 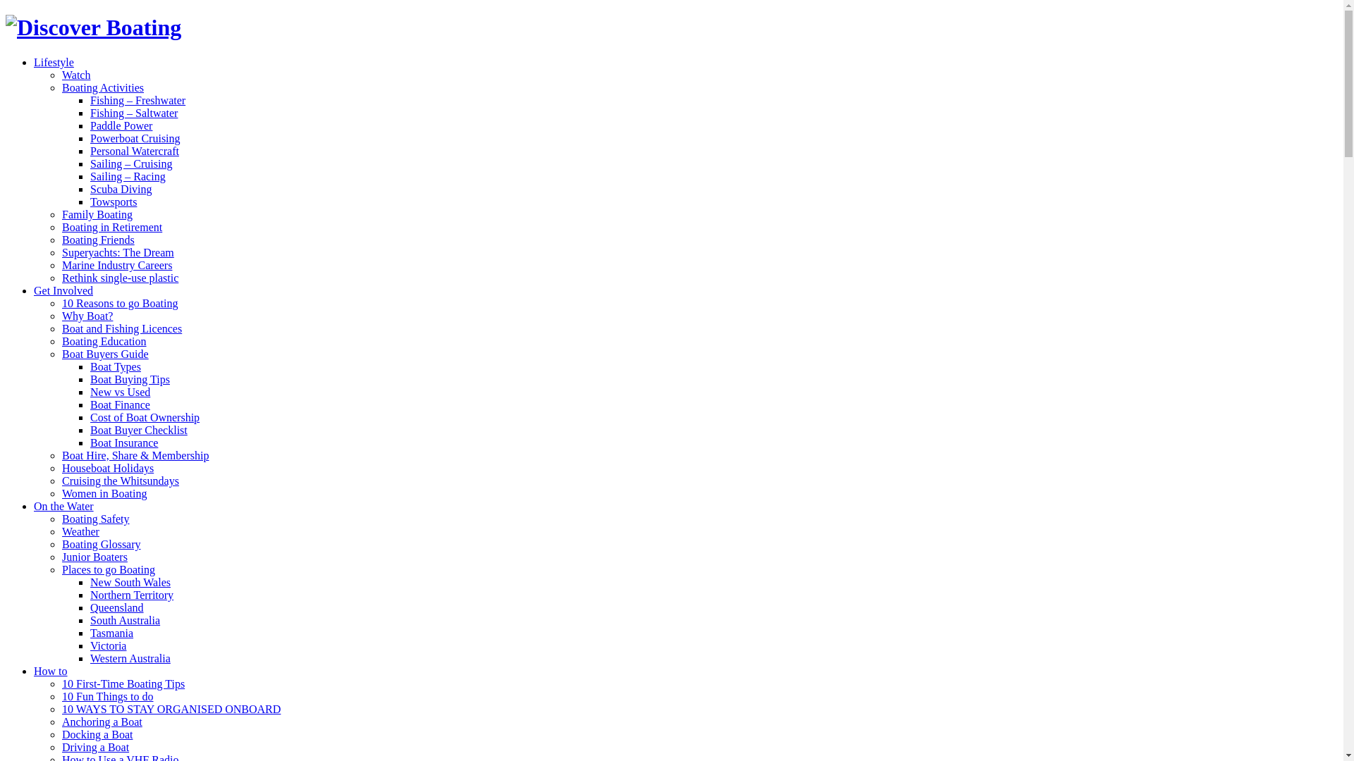 I want to click on 'Anchoring a Boat', so click(x=101, y=722).